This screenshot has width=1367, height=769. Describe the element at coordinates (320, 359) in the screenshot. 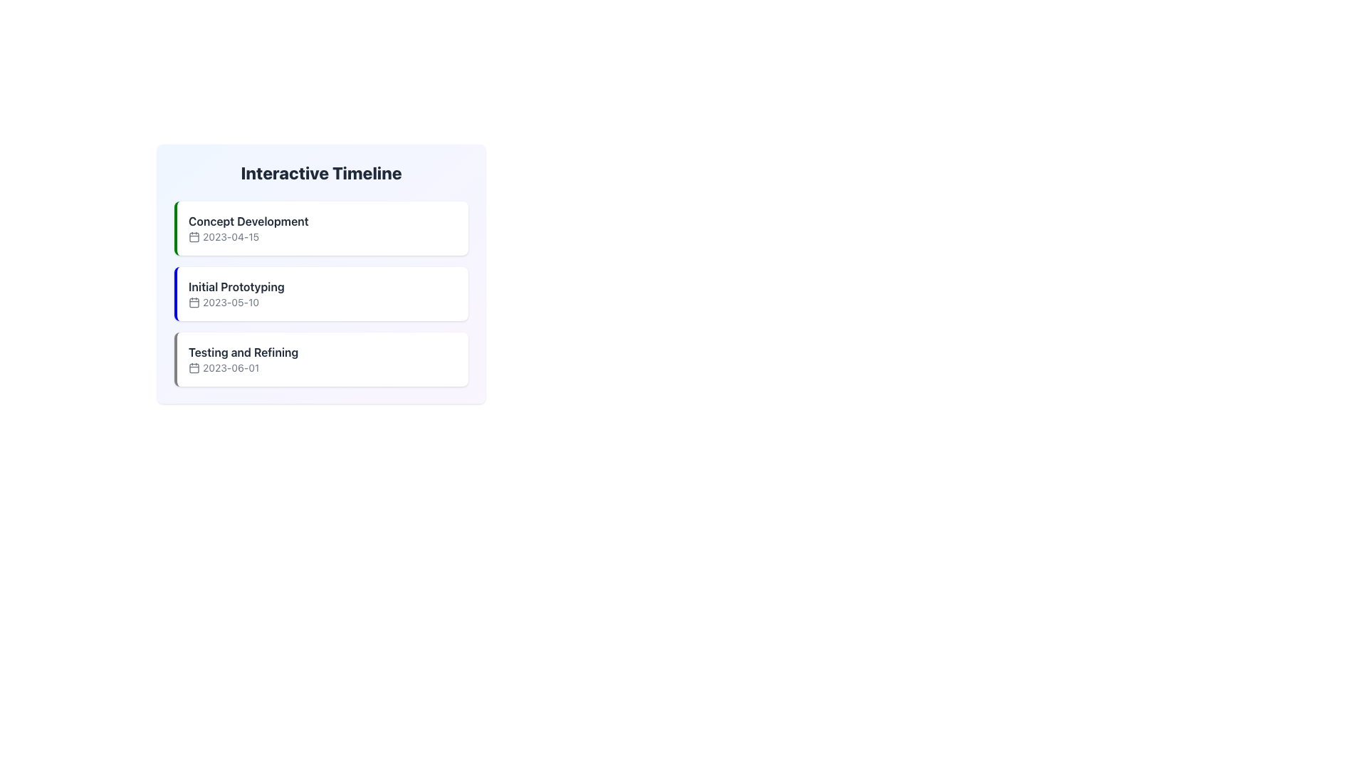

I see `the 'Testing and Refining' Information card in the Interactive Timeline section, which is the third item in the vertical list` at that location.